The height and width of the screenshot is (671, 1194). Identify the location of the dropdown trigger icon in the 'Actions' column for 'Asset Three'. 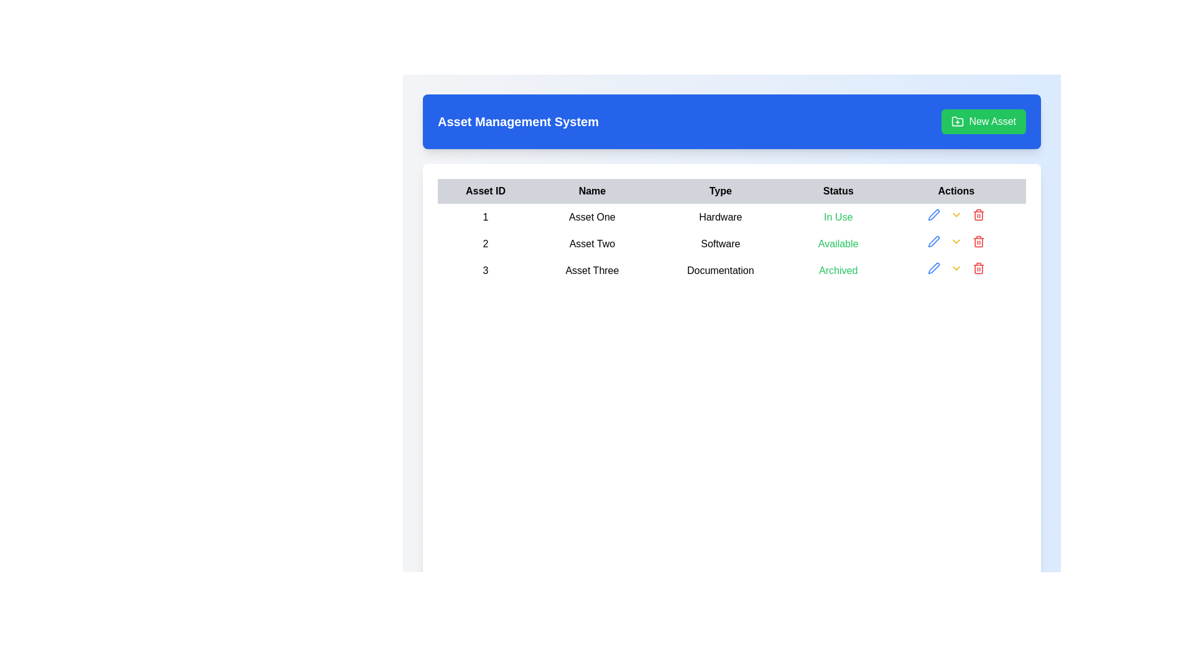
(955, 270).